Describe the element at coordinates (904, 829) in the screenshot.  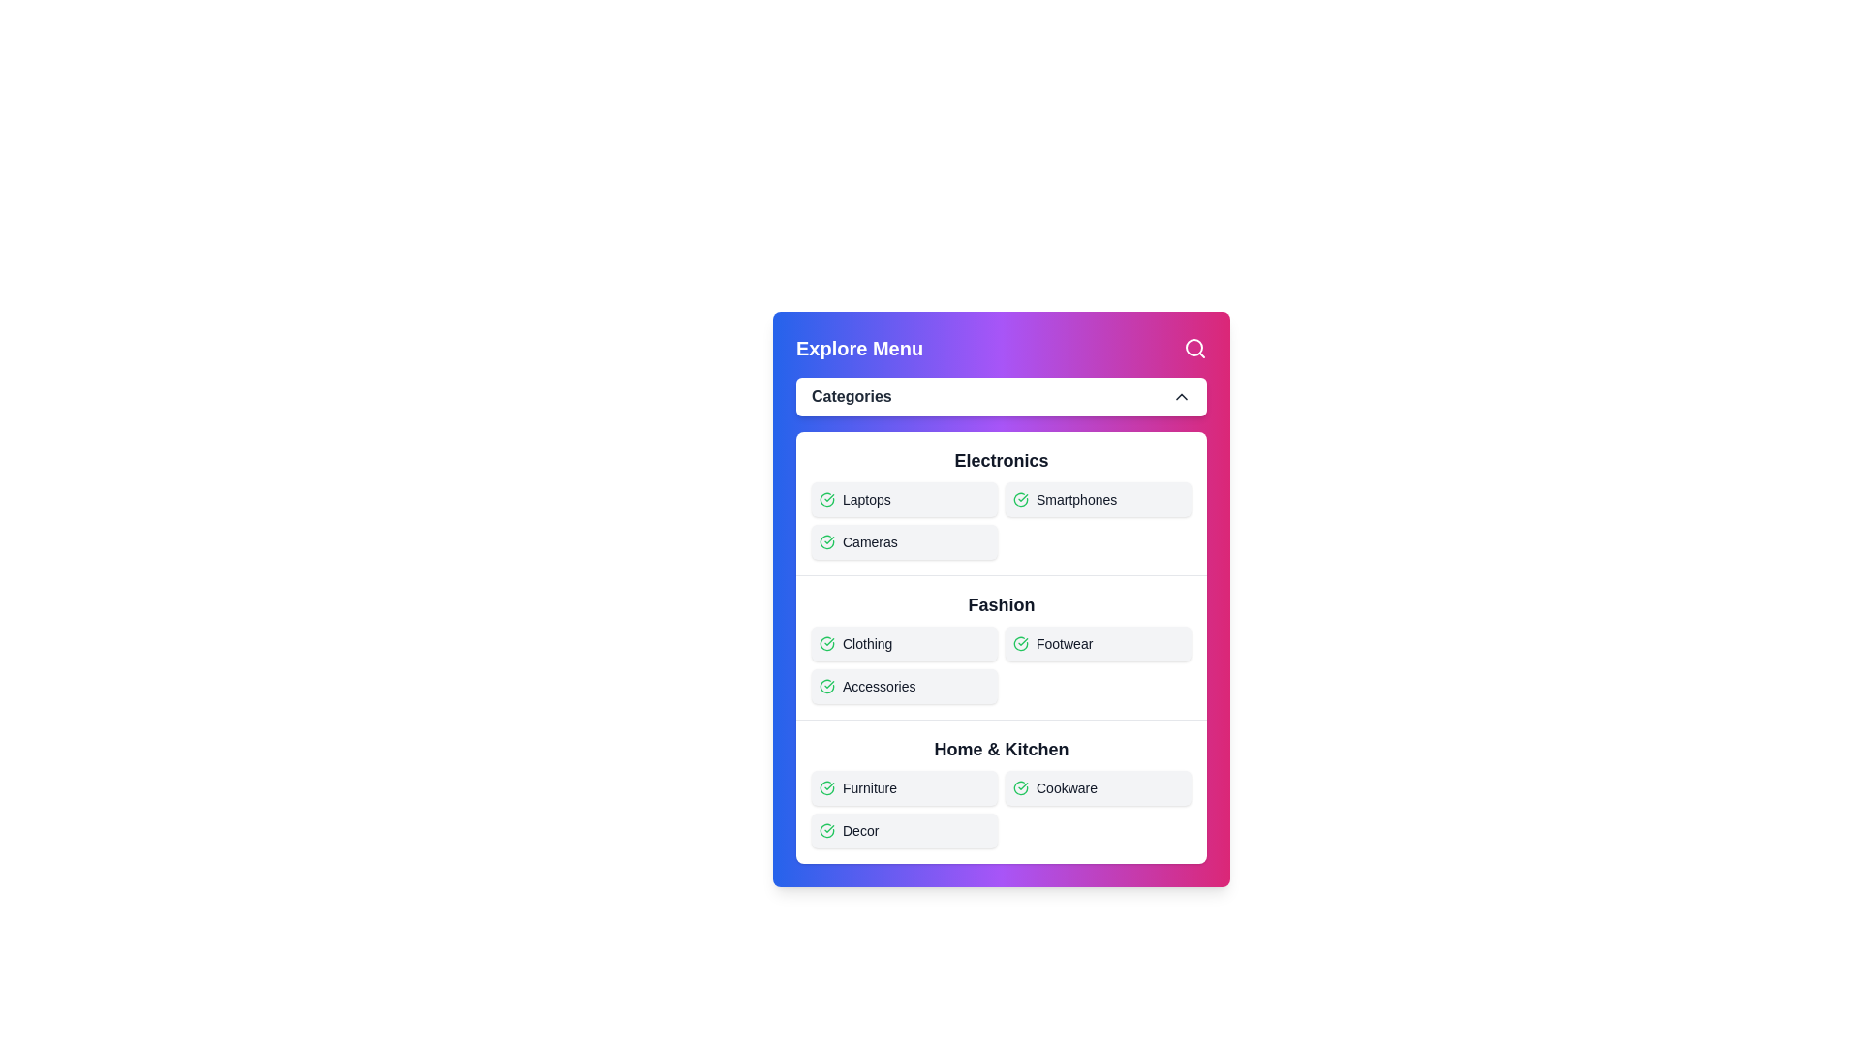
I see `the 'Decor' category option button in the Home & Kitchen section` at that location.